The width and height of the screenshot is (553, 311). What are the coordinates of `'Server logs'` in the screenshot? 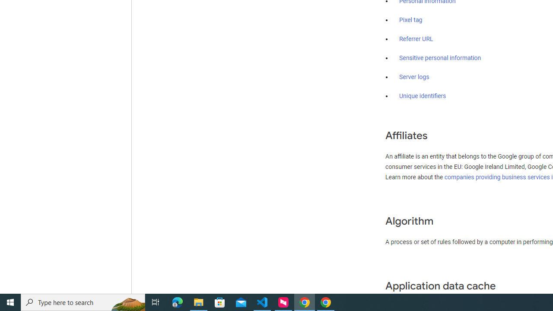 It's located at (414, 76).